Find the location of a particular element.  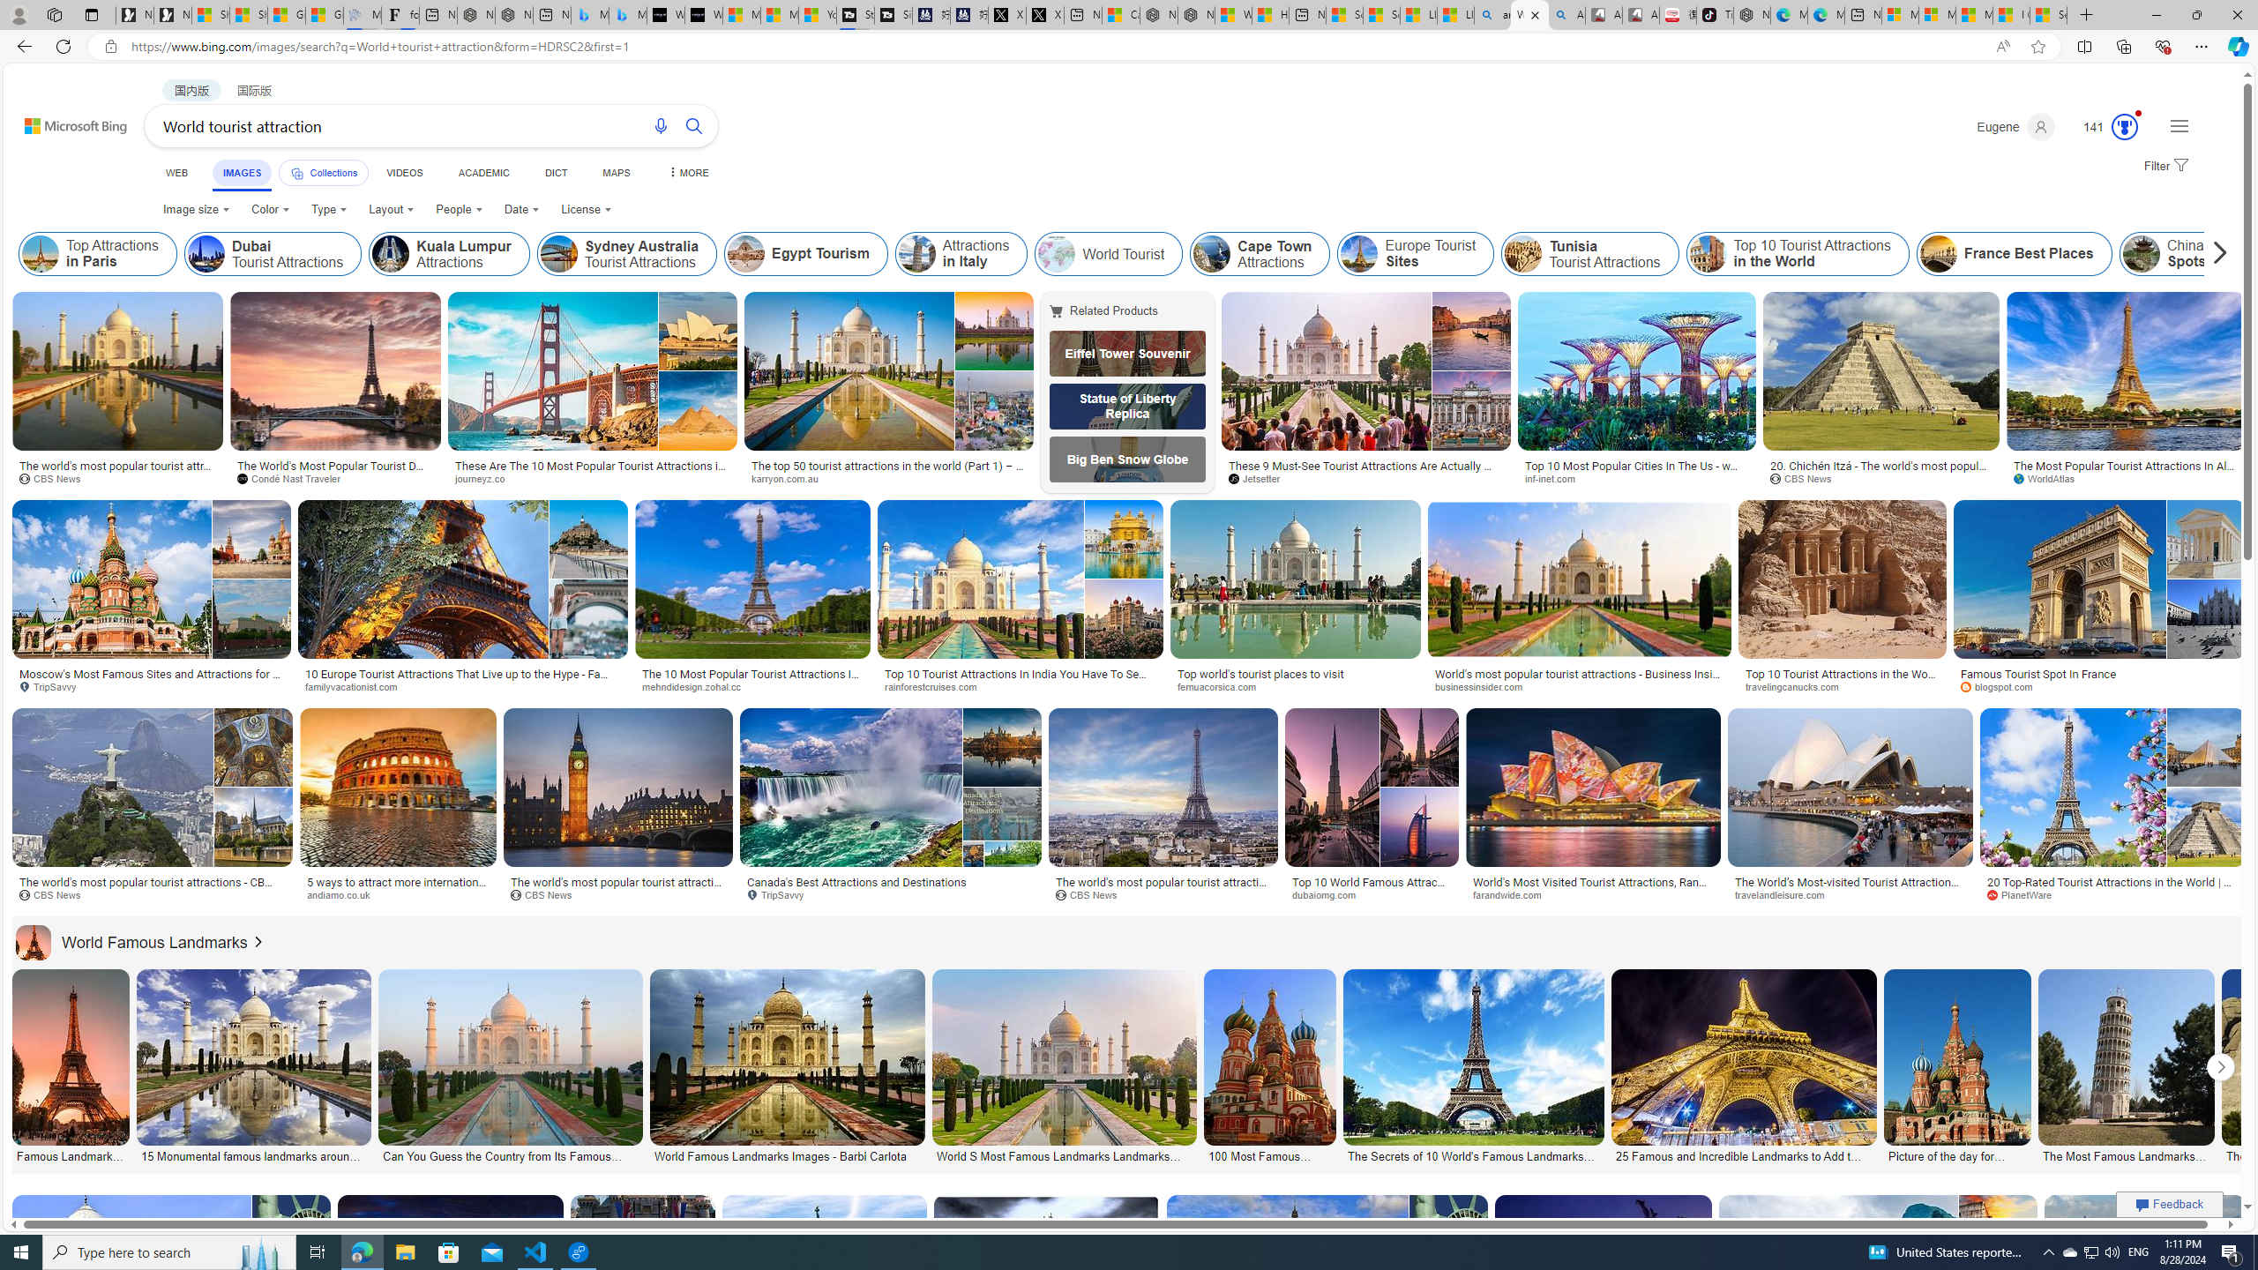

'Top 10 Tourist Attractions in the World | Traveling Canucks' is located at coordinates (1841, 679).